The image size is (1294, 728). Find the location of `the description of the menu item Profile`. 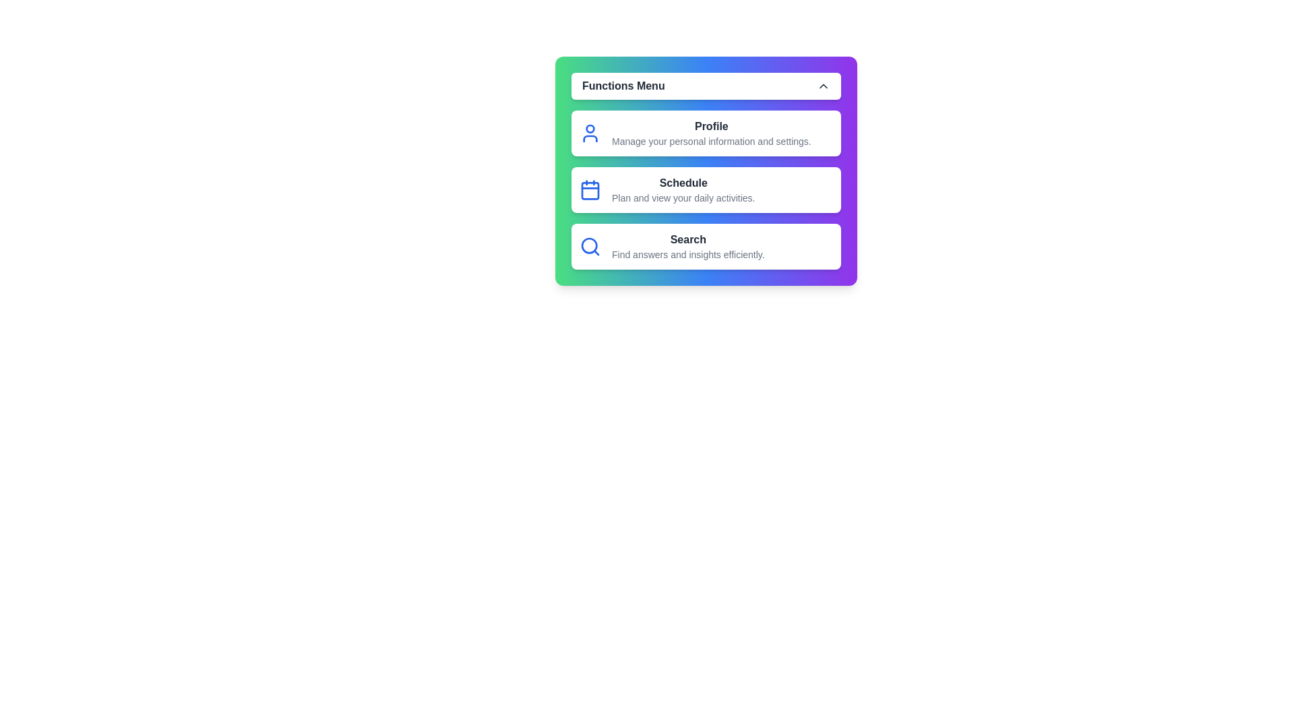

the description of the menu item Profile is located at coordinates (705, 133).